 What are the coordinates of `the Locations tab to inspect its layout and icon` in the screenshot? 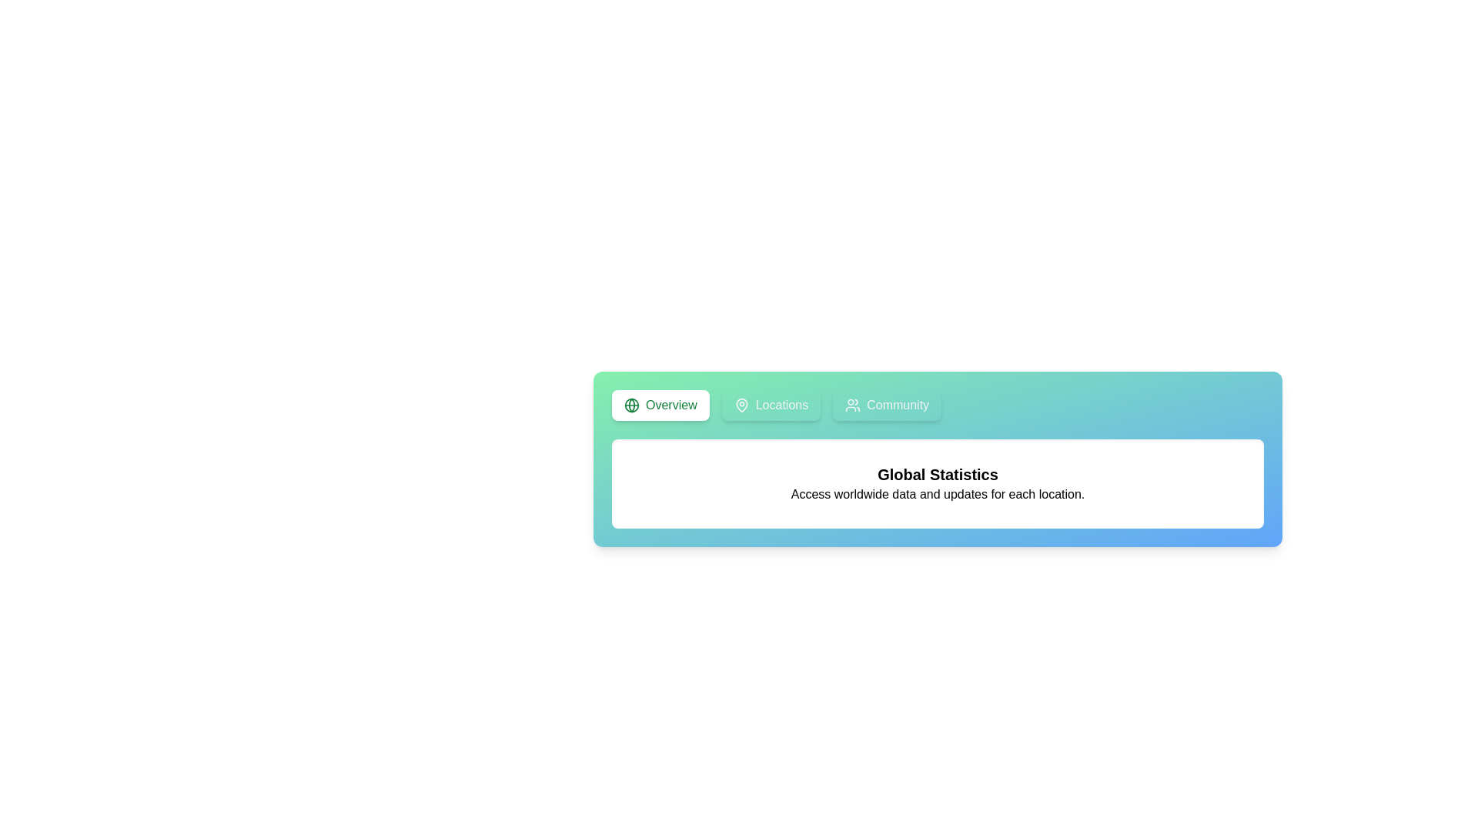 It's located at (771, 405).